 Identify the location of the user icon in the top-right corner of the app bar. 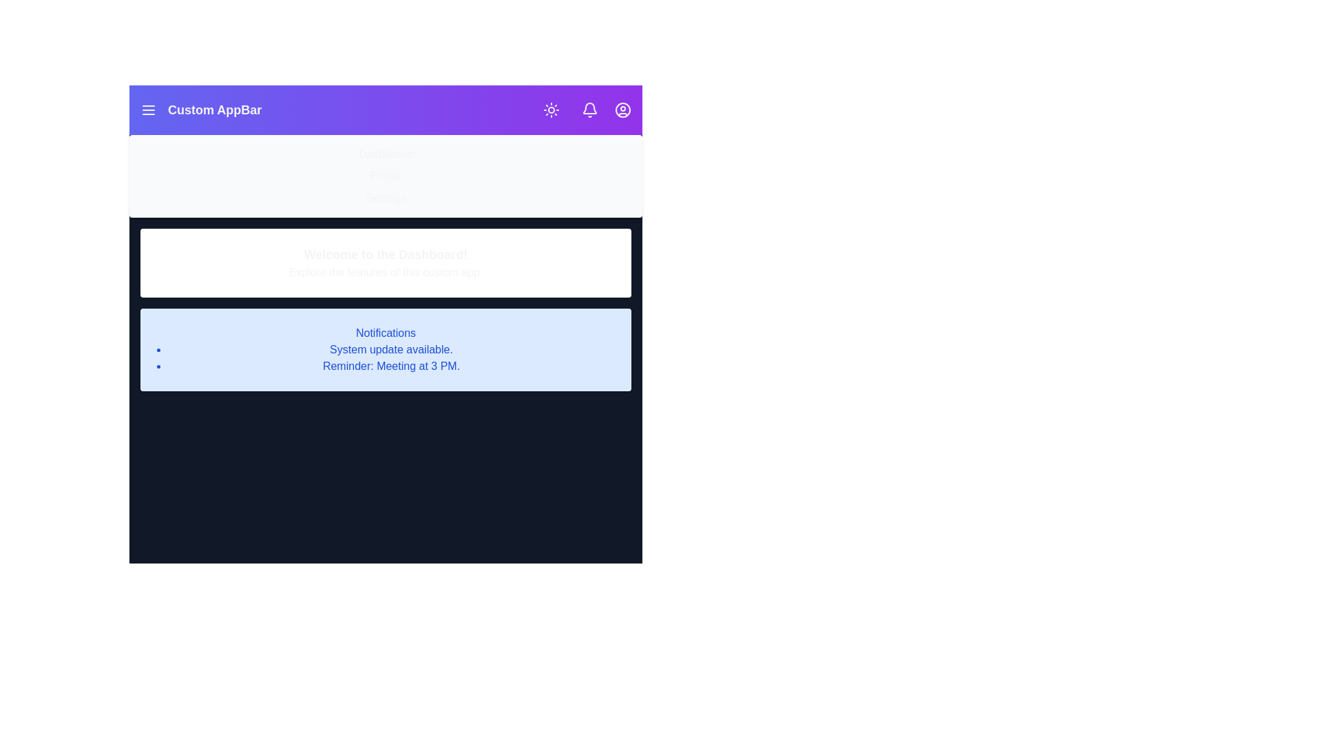
(622, 109).